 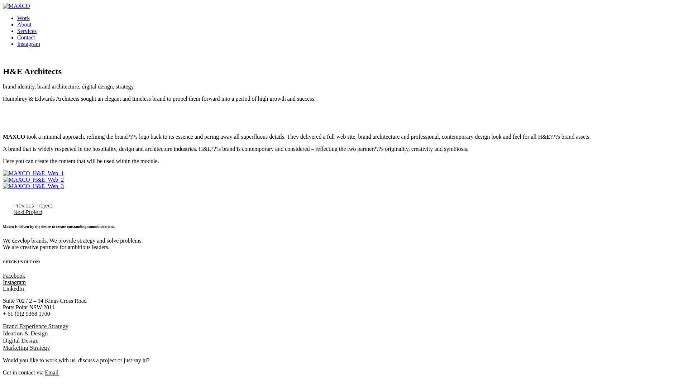 What do you see at coordinates (26, 347) in the screenshot?
I see `'Marketing Strategy'` at bounding box center [26, 347].